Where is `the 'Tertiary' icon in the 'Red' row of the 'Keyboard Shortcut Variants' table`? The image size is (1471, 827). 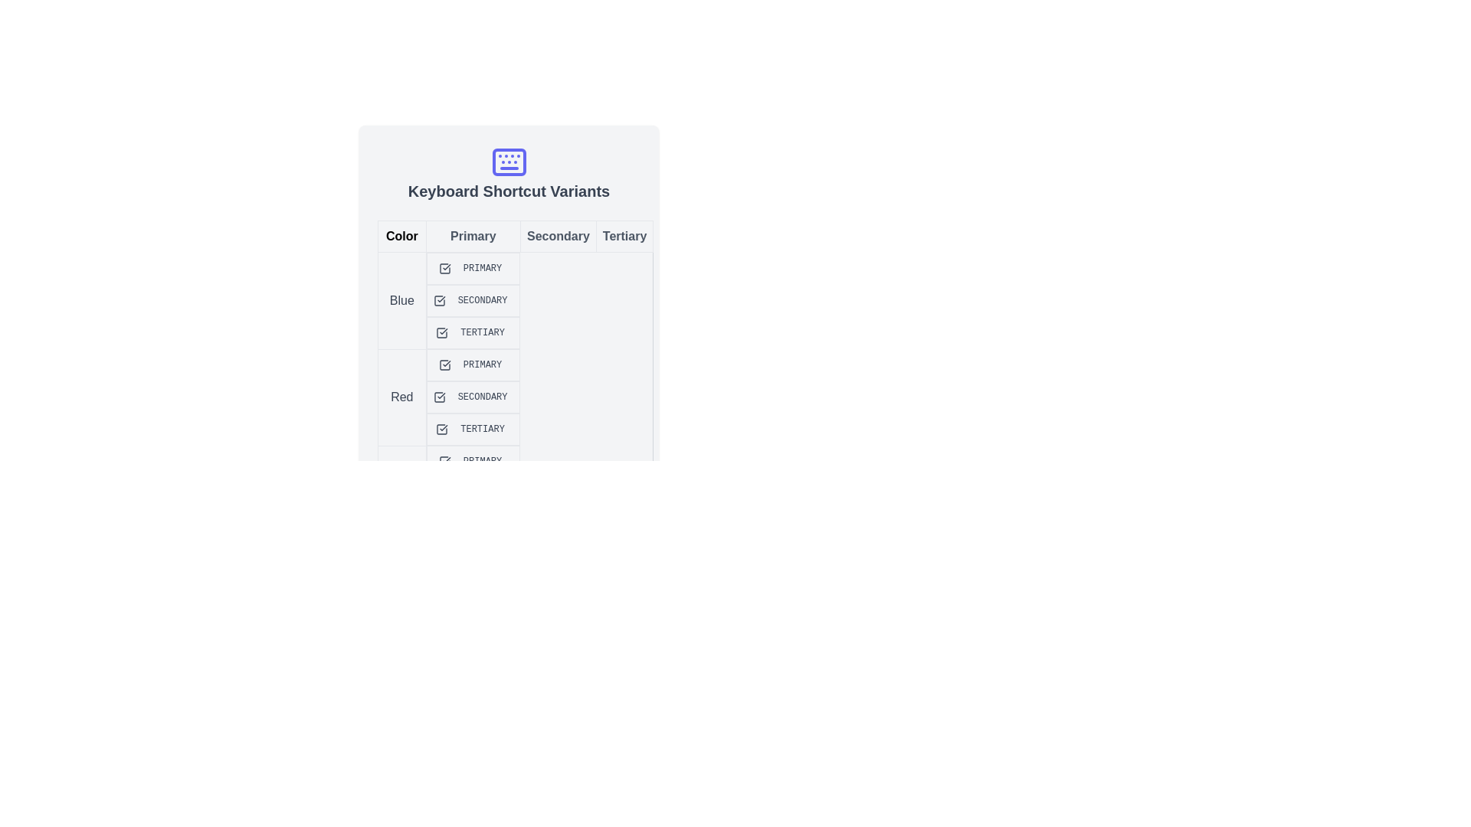
the 'Tertiary' icon in the 'Red' row of the 'Keyboard Shortcut Variants' table is located at coordinates (441, 429).